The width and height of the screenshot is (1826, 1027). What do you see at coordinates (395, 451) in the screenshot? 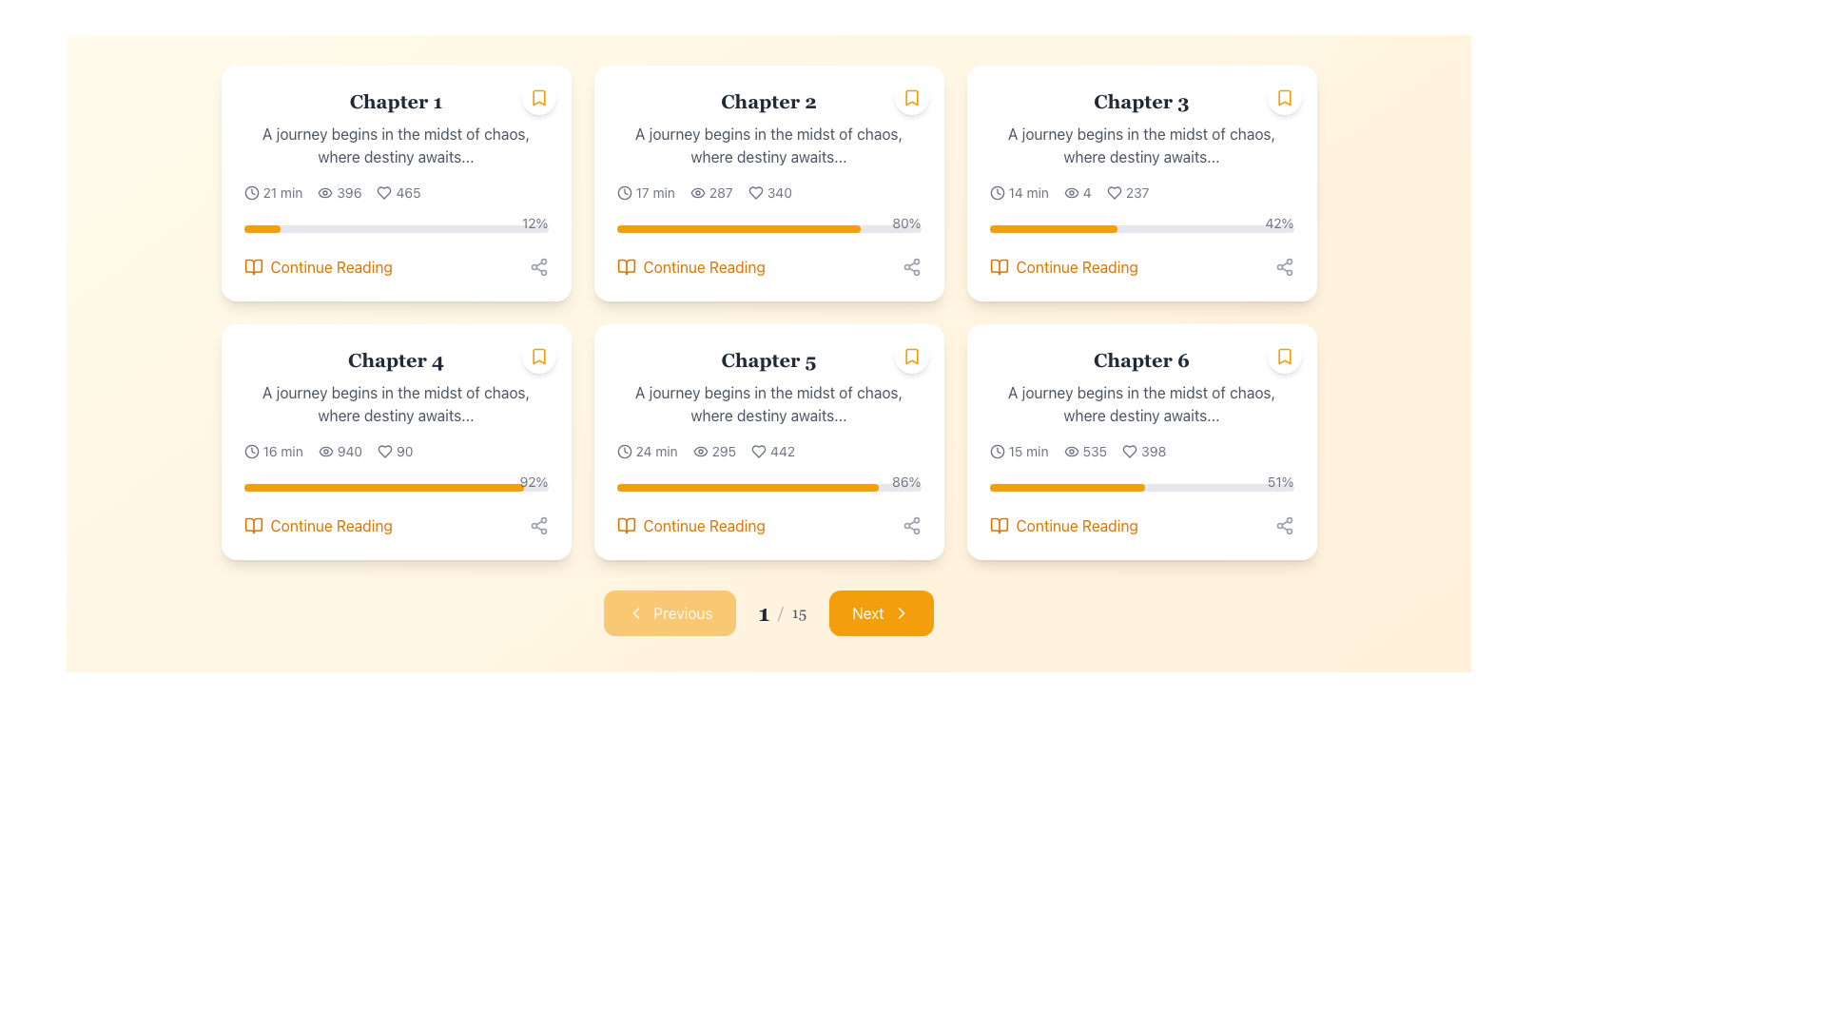
I see `the Information display group comprising icons and numeric indicators, which contains a clock icon, a views number, and a heart icon with likes number, located in the fourth card from the left on the second row` at bounding box center [395, 451].